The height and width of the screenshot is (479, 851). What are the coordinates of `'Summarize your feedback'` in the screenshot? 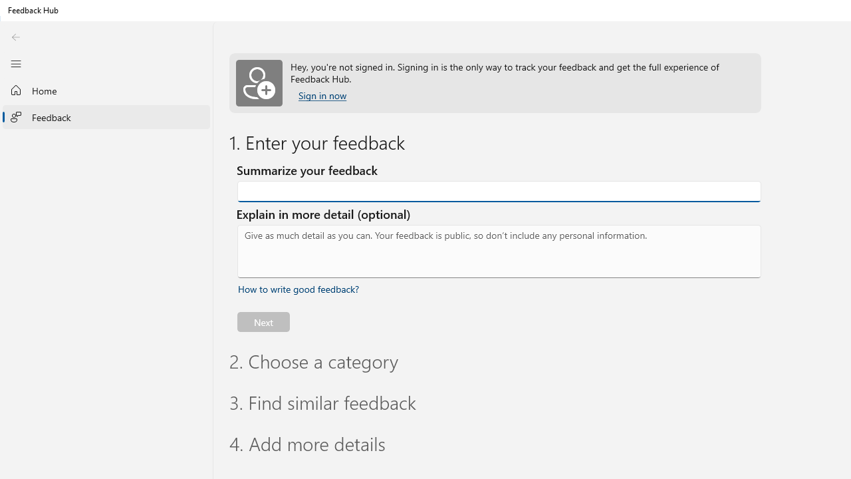 It's located at (499, 192).